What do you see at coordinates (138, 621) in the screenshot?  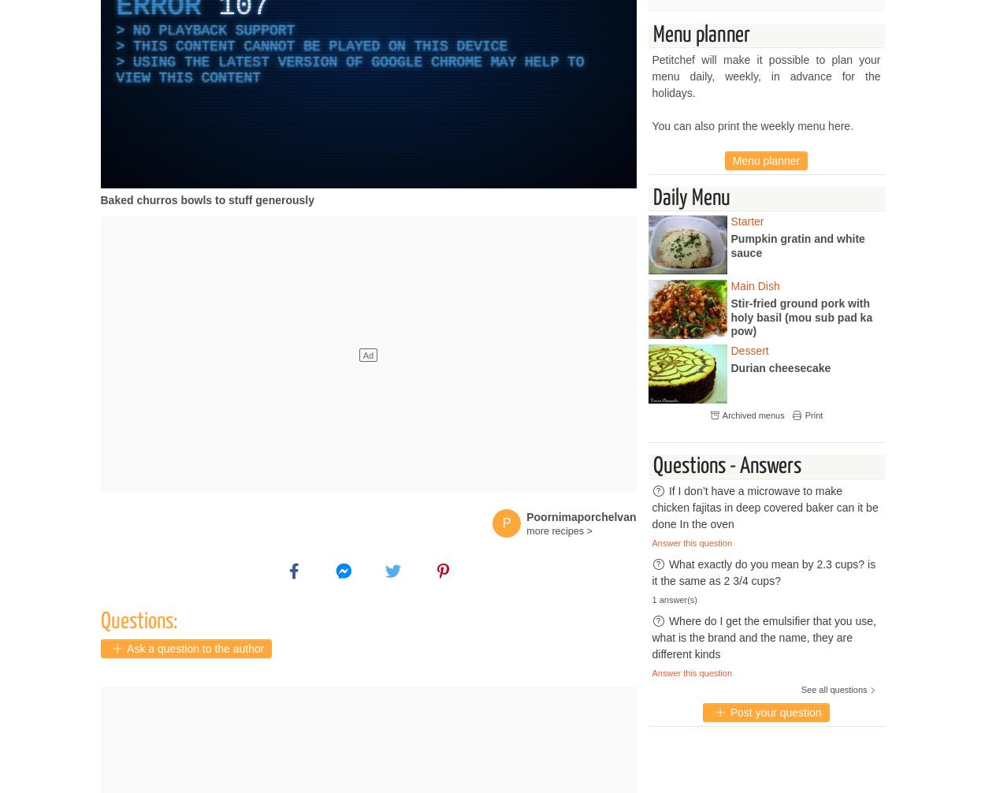 I see `'Questions:'` at bounding box center [138, 621].